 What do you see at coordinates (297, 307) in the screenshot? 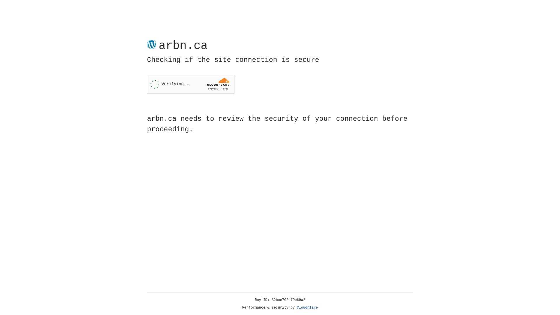
I see `'Cloudflare'` at bounding box center [297, 307].